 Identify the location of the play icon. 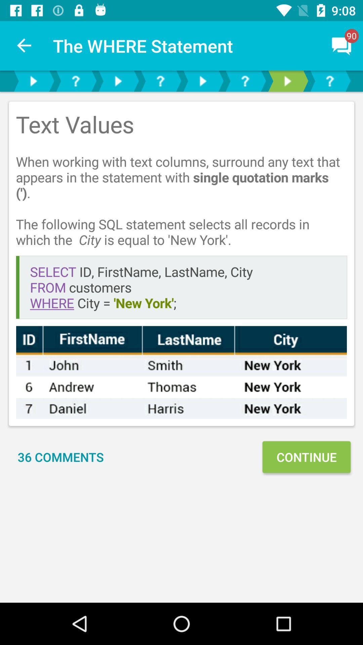
(202, 81).